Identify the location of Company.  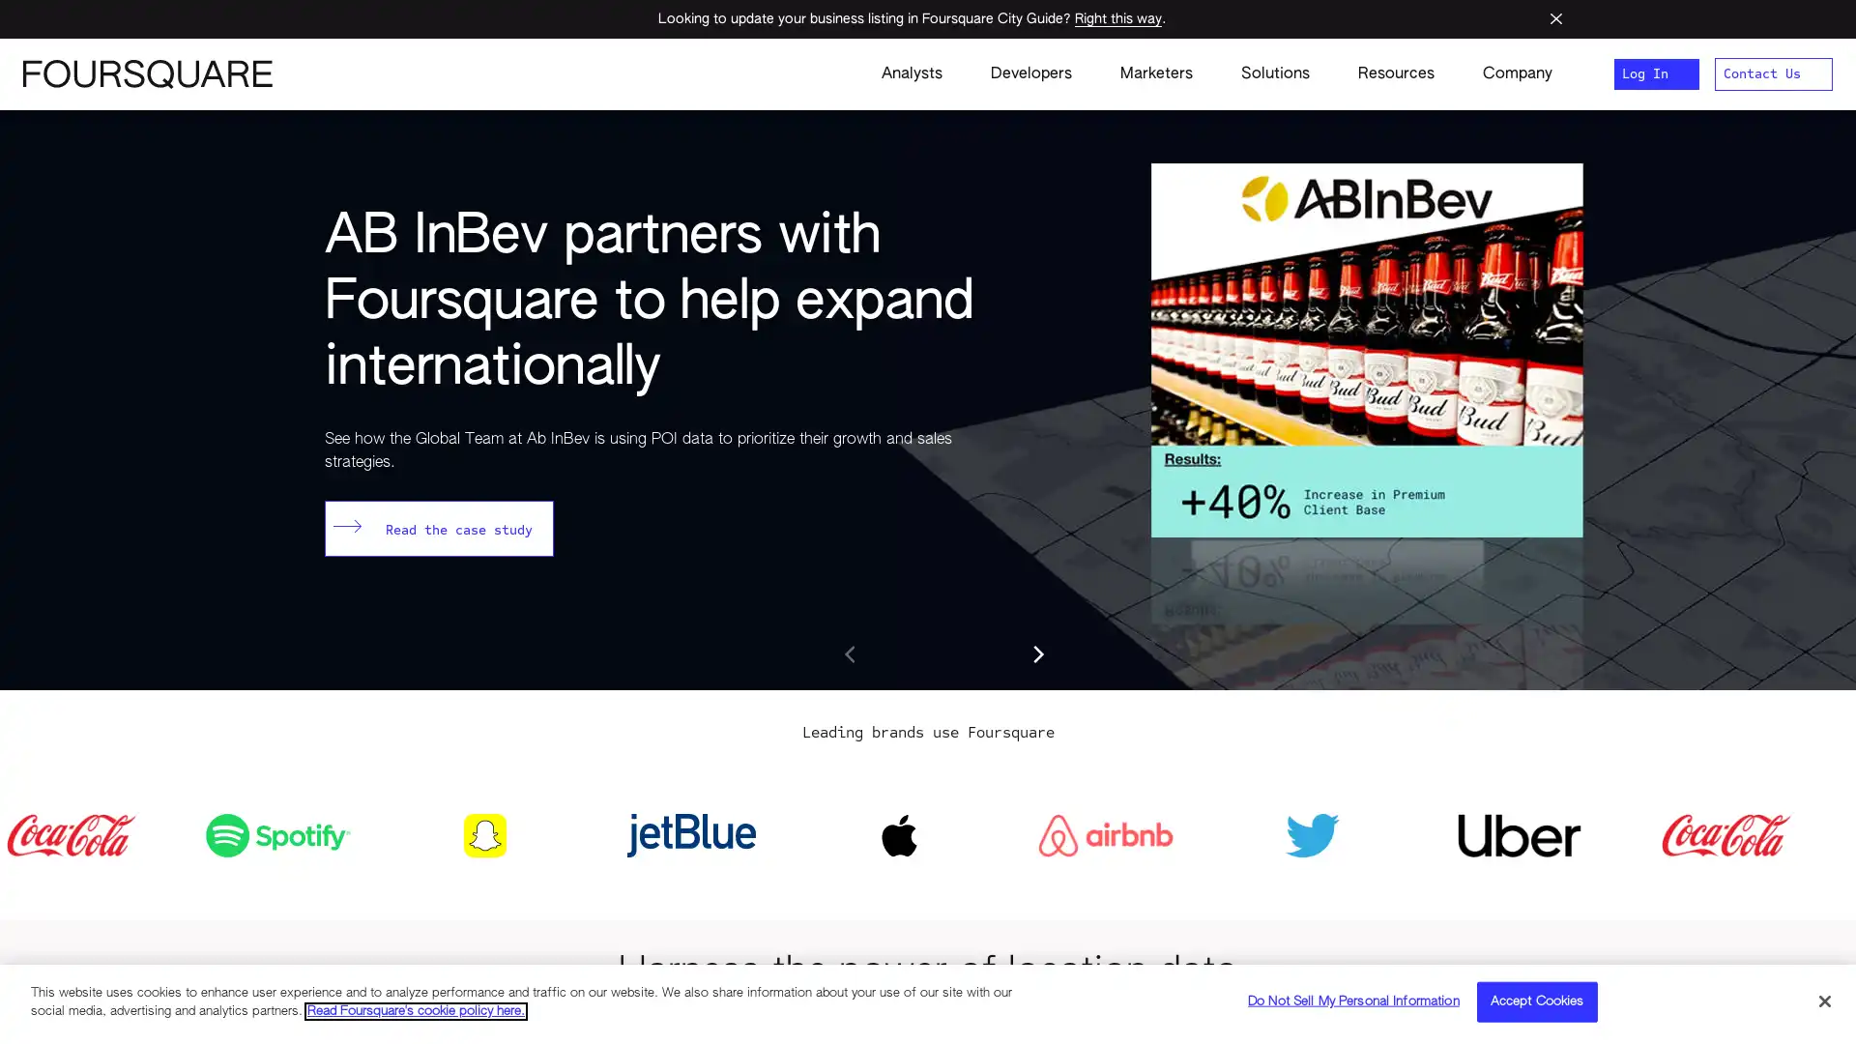
(1504, 73).